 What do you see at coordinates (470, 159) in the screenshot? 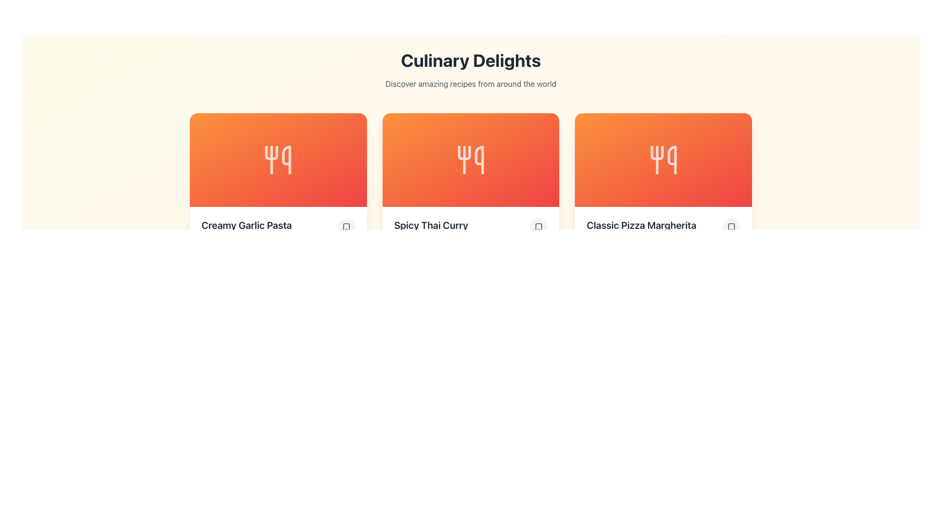
I see `the decorative icon representing the culinary theme for the 'Spicy Thai Curry' card, which is centrally positioned in the 'Culinary Delights' section` at bounding box center [470, 159].